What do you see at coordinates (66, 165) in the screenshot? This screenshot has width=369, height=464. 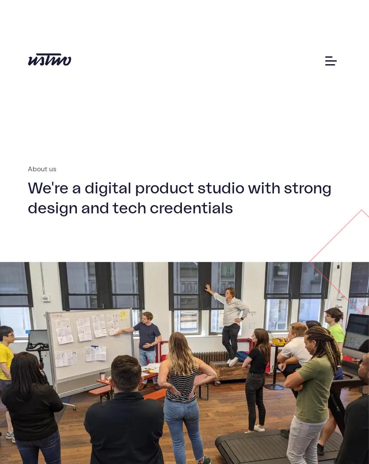 I see `'Employee Owned'` at bounding box center [66, 165].